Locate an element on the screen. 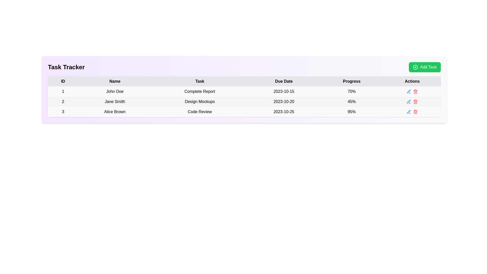  the static text label displaying 'Code Review' located in the third row of the task description column of the data table, positioned between the 'Name' and 'Due Date' columns is located at coordinates (199, 111).